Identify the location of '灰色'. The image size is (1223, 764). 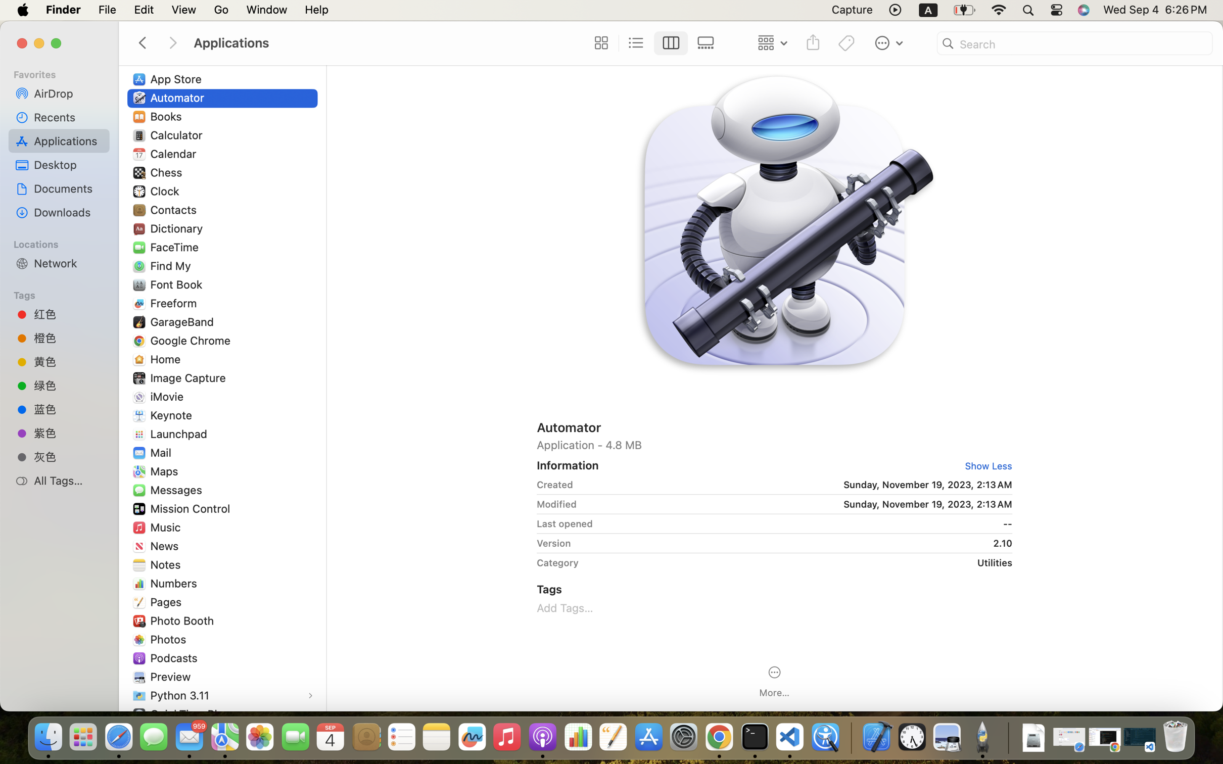
(68, 457).